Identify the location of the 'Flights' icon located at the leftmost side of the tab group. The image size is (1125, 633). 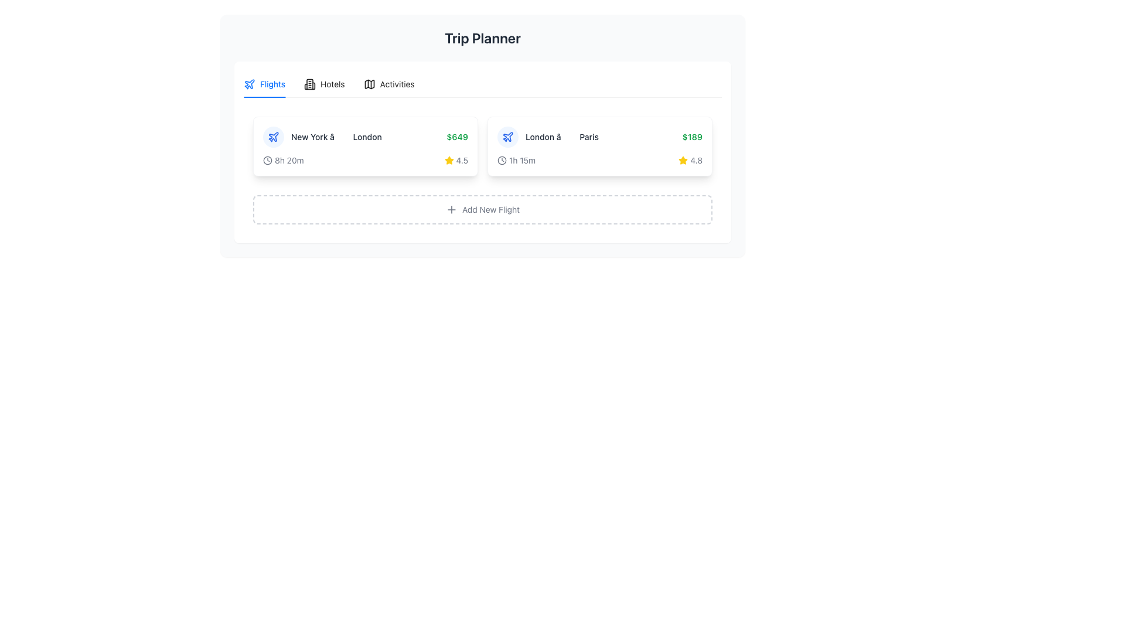
(249, 83).